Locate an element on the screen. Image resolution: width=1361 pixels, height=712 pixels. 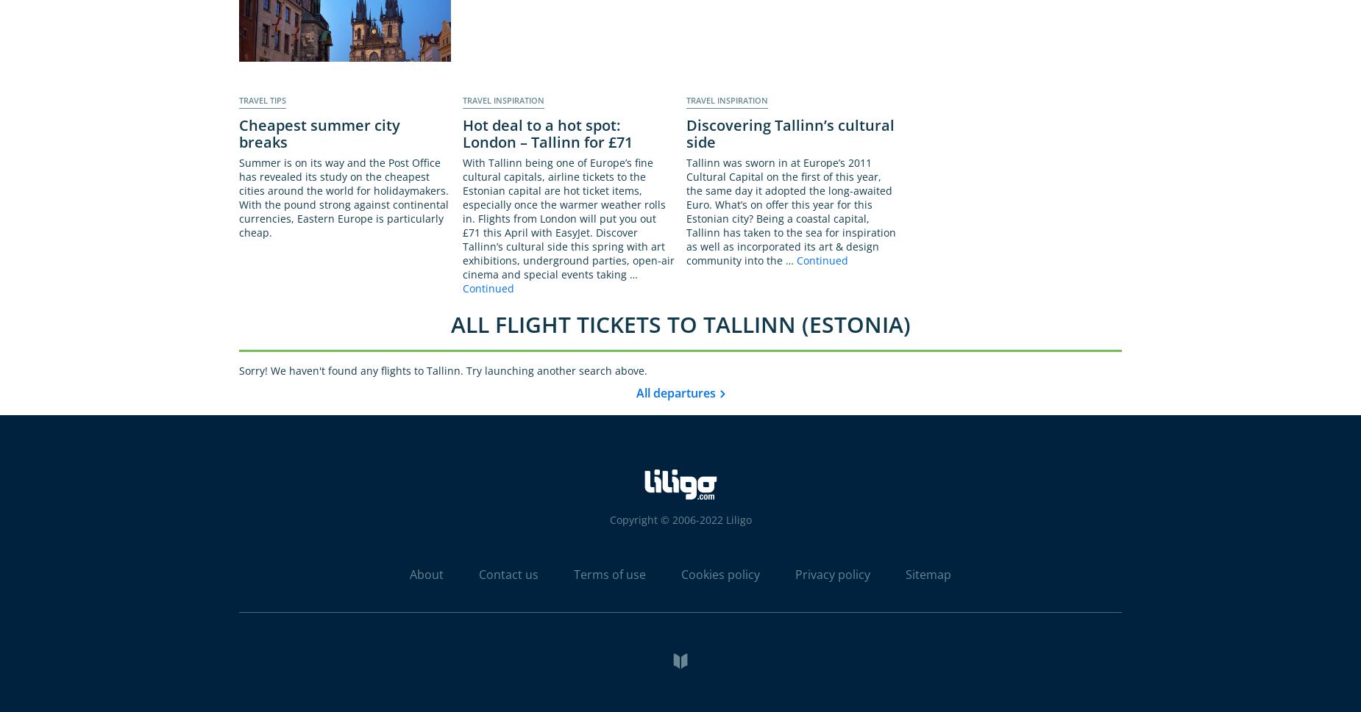
'Privacy policy' is located at coordinates (832, 573).